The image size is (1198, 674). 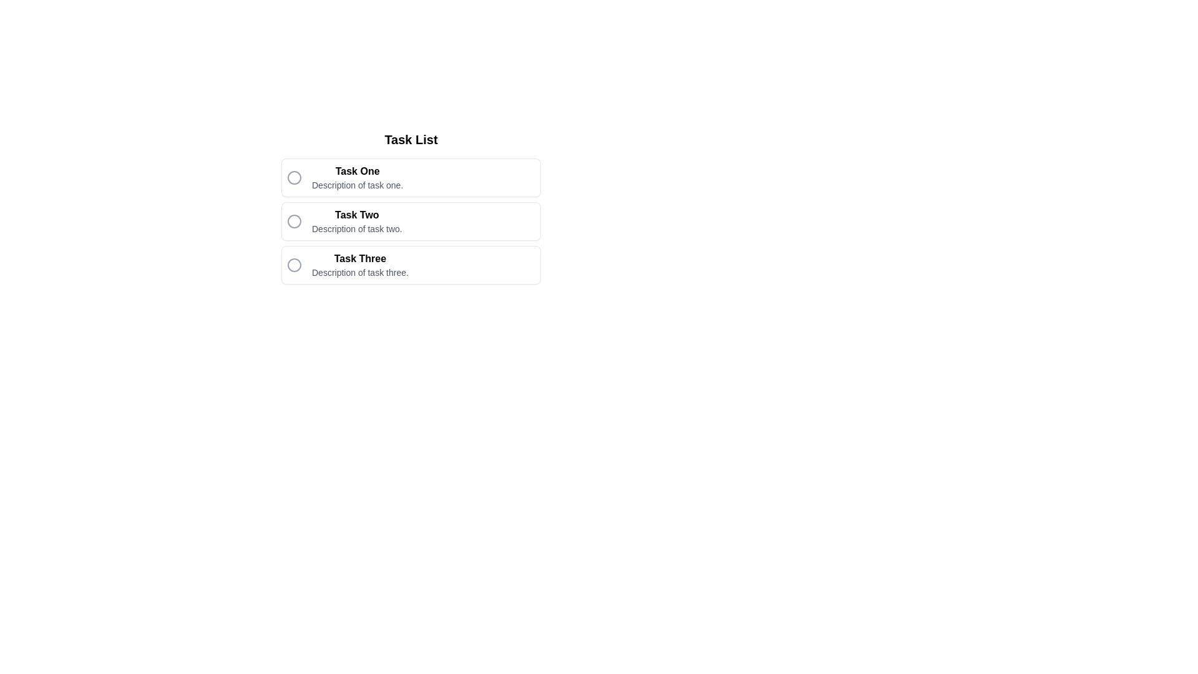 I want to click on text 'Task One' and 'Description of task one.' from the first card in the vertically stacked list, located below the 'Task List' heading, so click(x=357, y=178).